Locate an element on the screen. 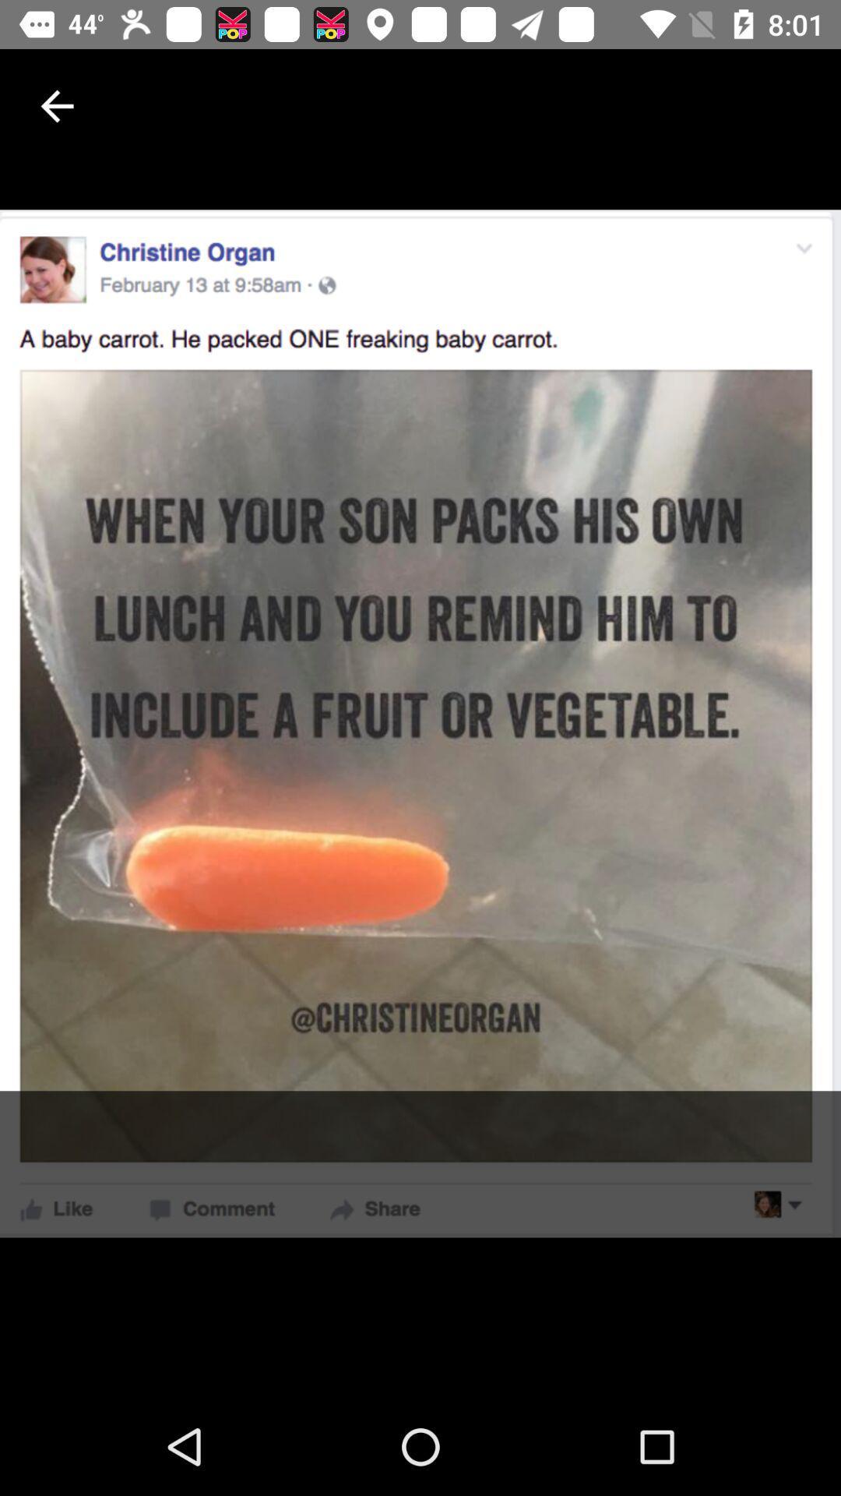 This screenshot has height=1496, width=841. the icon at the top left corner is located at coordinates (56, 105).